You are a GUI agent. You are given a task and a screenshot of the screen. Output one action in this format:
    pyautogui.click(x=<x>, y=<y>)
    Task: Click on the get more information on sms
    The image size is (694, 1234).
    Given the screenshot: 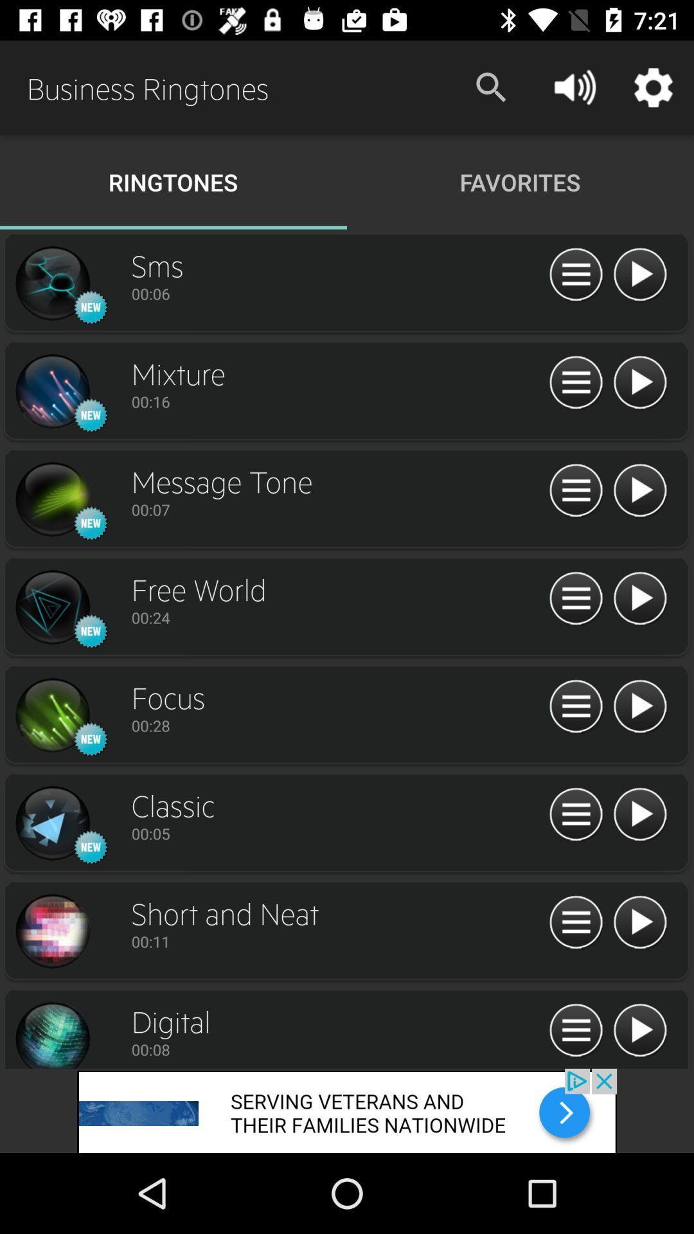 What is the action you would take?
    pyautogui.click(x=575, y=274)
    